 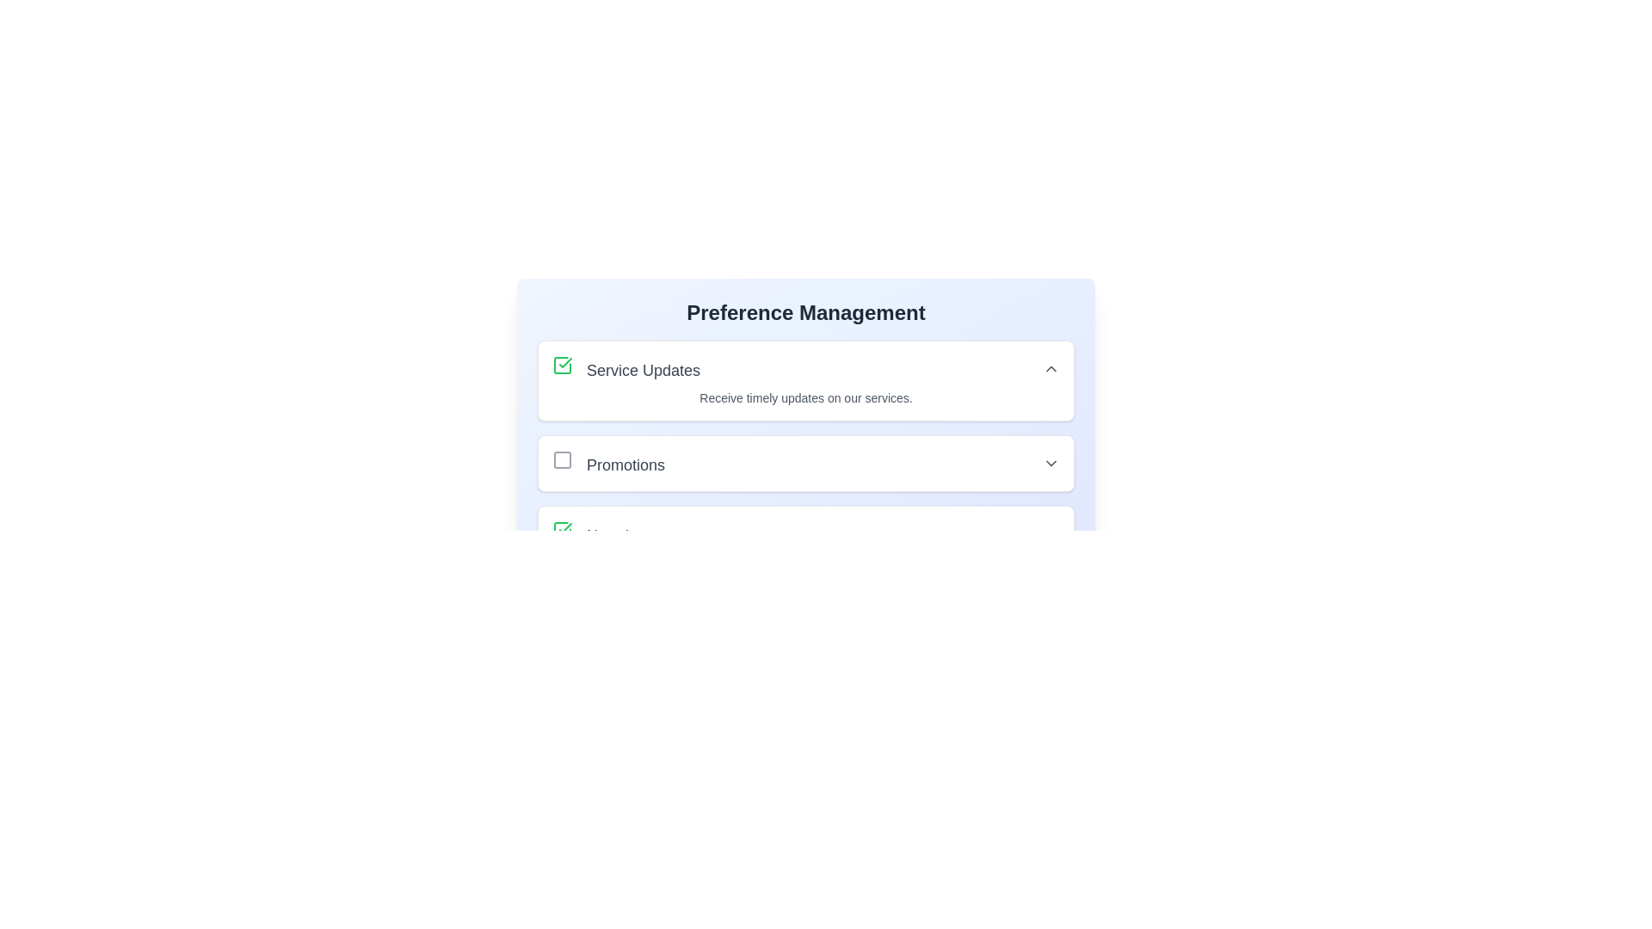 I want to click on the 'Newsletters' checkbox by, so click(x=562, y=530).